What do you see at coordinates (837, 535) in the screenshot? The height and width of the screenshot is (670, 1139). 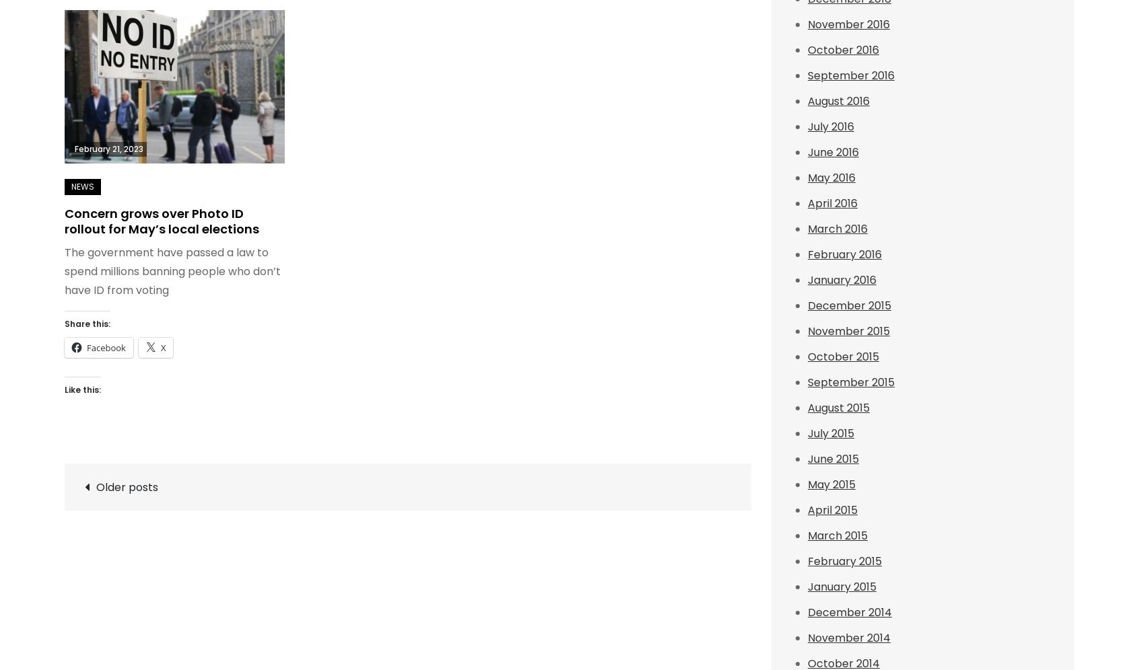 I see `'March 2015'` at bounding box center [837, 535].